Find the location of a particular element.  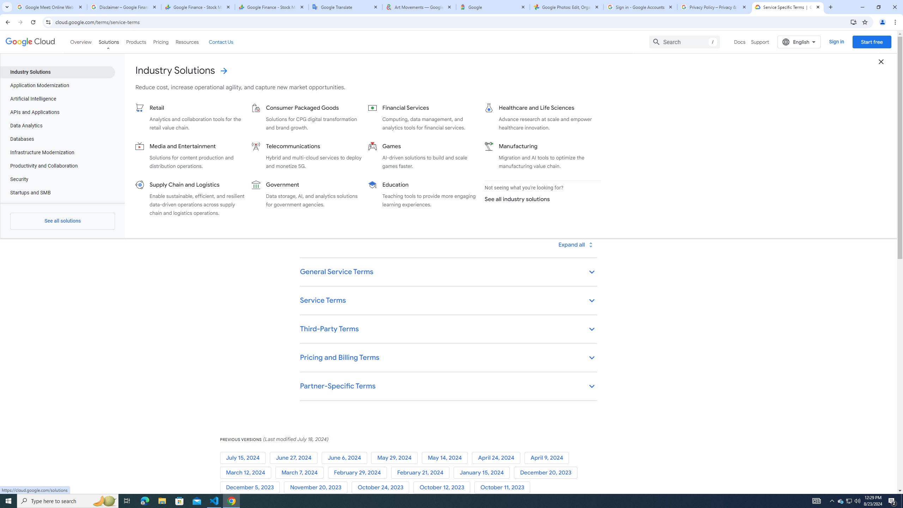

'Startups and SMB' is located at coordinates (57, 193).